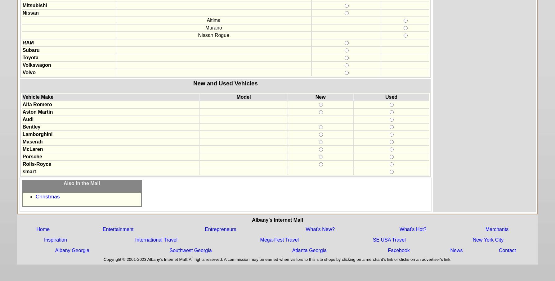 The height and width of the screenshot is (281, 555). Describe the element at coordinates (30, 12) in the screenshot. I see `'Nissan'` at that location.